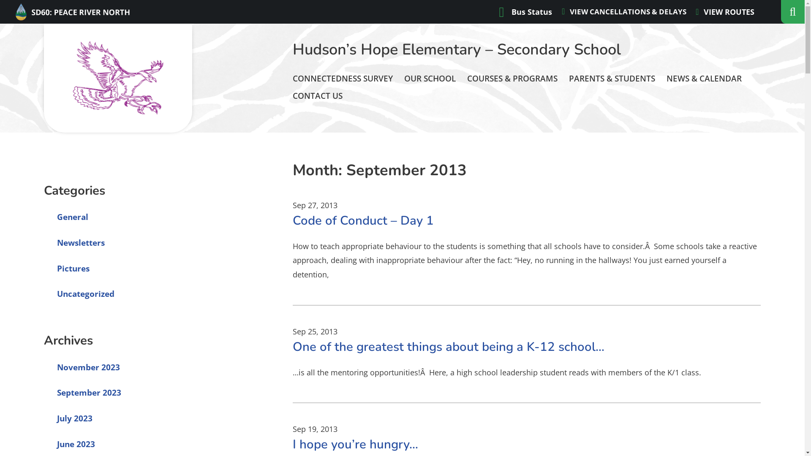  What do you see at coordinates (44, 242) in the screenshot?
I see `'Newsletters'` at bounding box center [44, 242].